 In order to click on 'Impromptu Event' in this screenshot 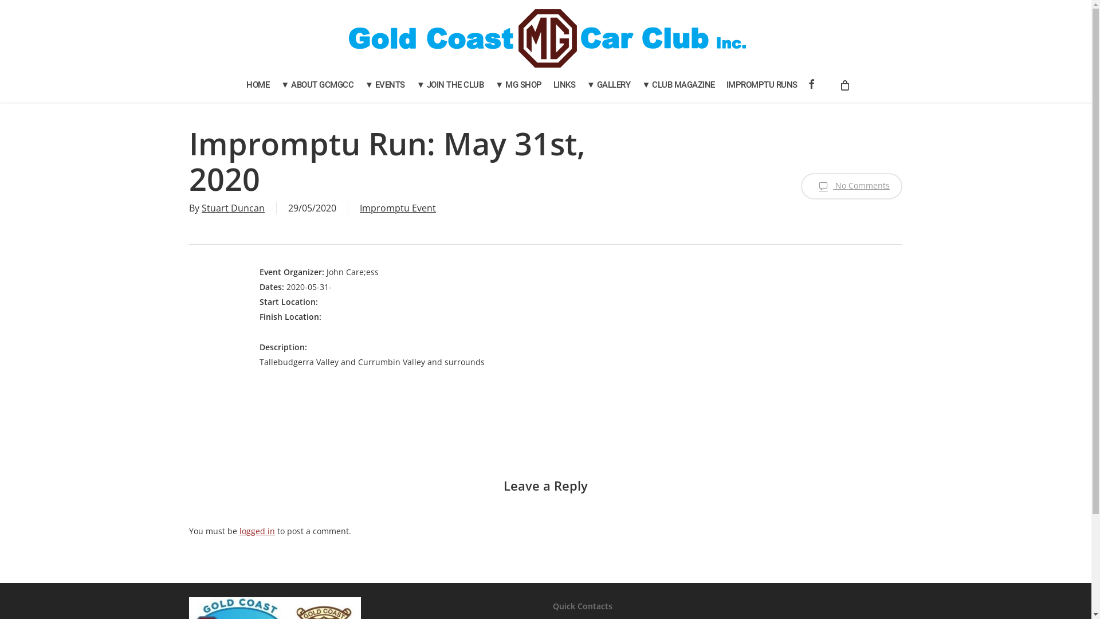, I will do `click(398, 207)`.